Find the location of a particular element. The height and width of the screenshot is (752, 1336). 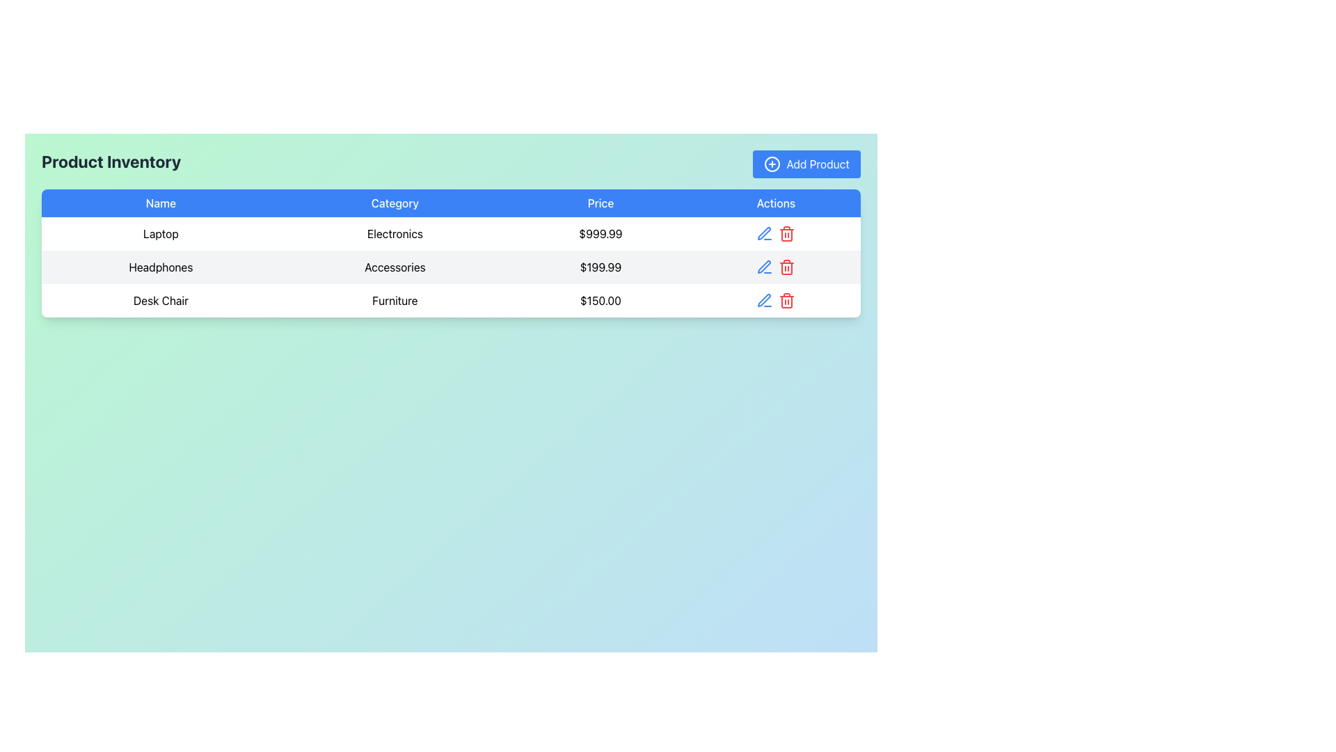

the Text label that displays the category associated with the 'Laptop' product in the 'Product Inventory' table, located in the second cell of the row corresponding to 'Laptop' is located at coordinates (394, 233).